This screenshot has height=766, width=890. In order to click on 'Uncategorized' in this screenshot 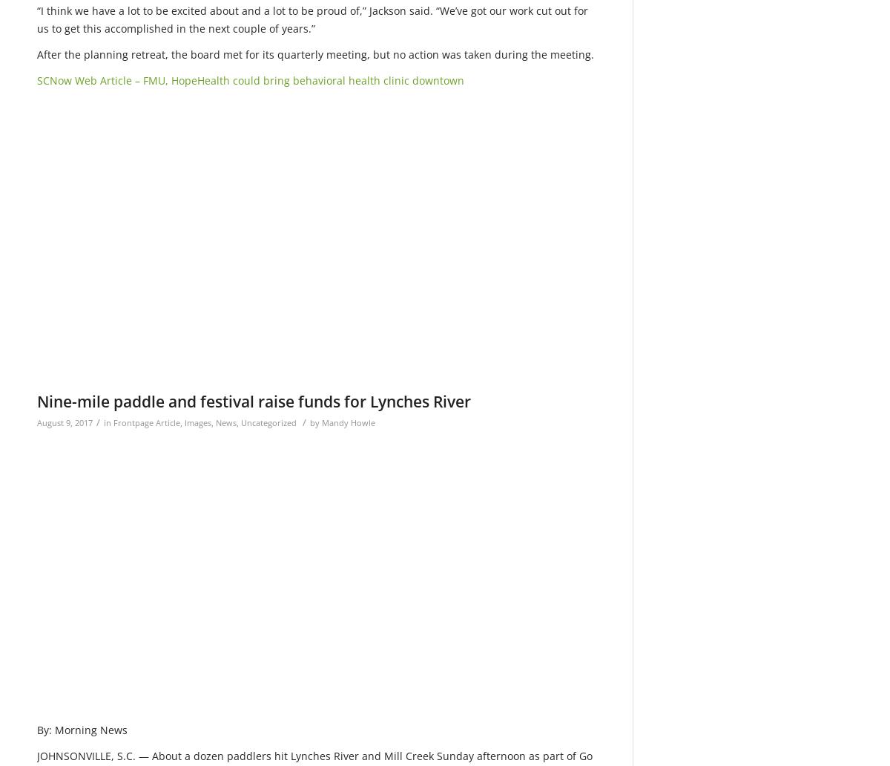, I will do `click(268, 422)`.